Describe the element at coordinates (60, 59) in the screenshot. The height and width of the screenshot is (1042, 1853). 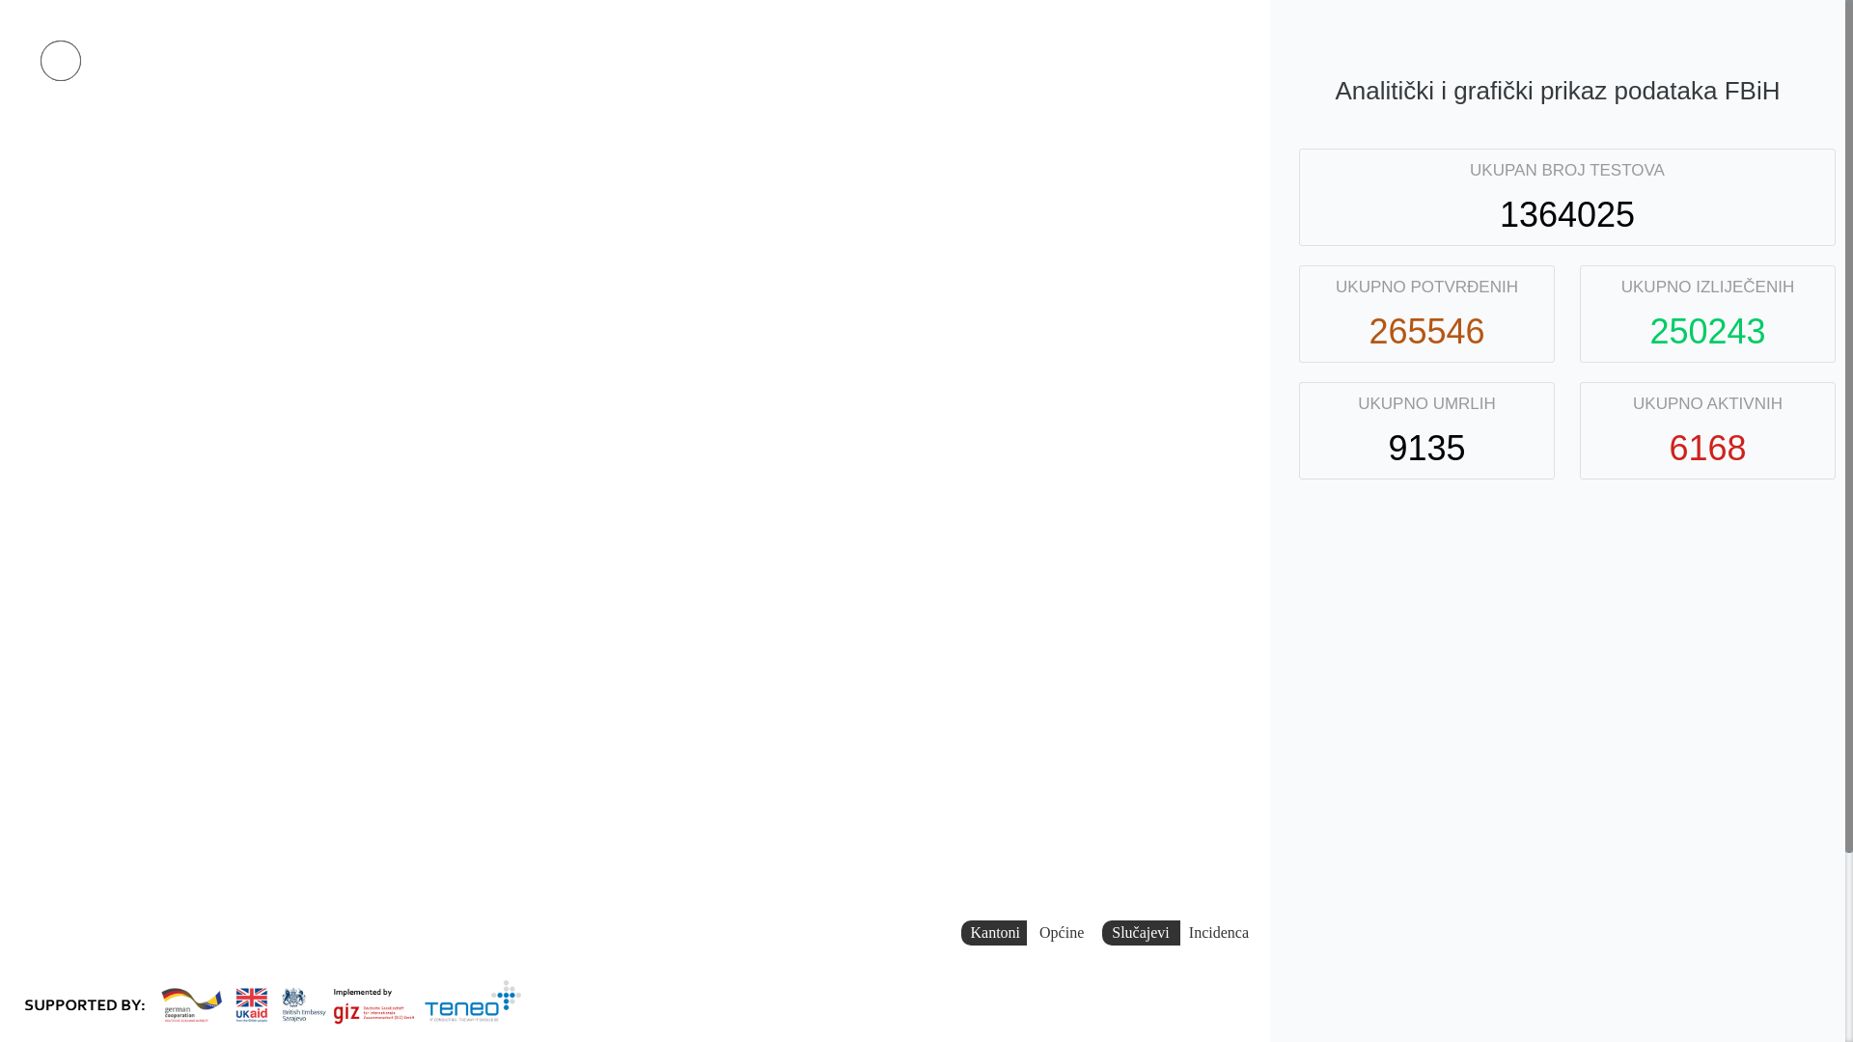
I see `'Facebook stranica'` at that location.